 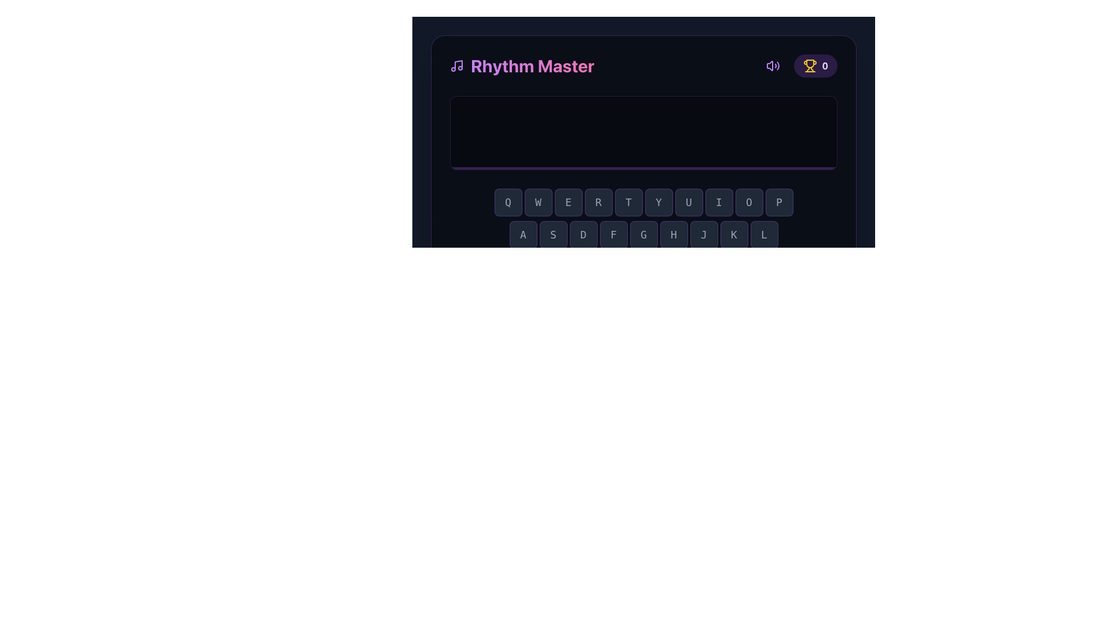 I want to click on the square-shaped button with a dark gray background and light-gray text displaying the letter 'E' to input the letter 'E', so click(x=568, y=202).